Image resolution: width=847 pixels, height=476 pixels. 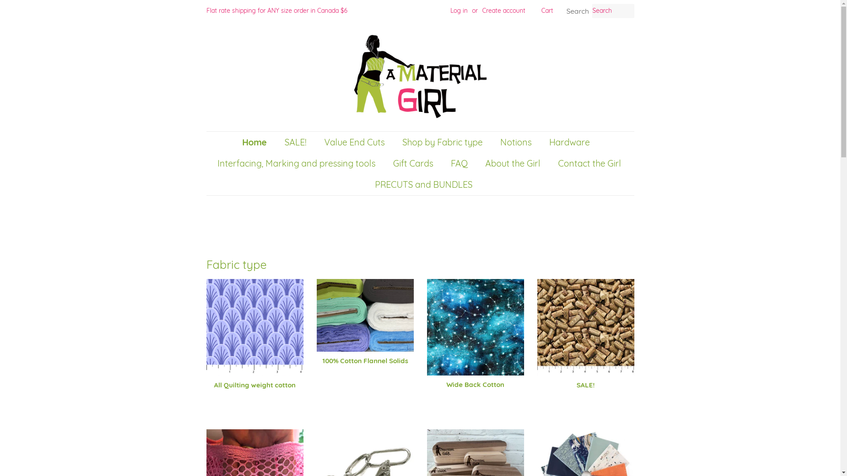 What do you see at coordinates (513, 163) in the screenshot?
I see `'About the Girl'` at bounding box center [513, 163].